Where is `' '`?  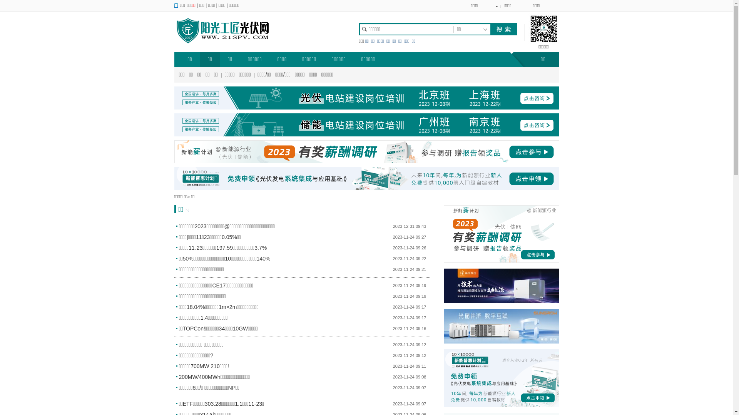
' ' is located at coordinates (489, 29).